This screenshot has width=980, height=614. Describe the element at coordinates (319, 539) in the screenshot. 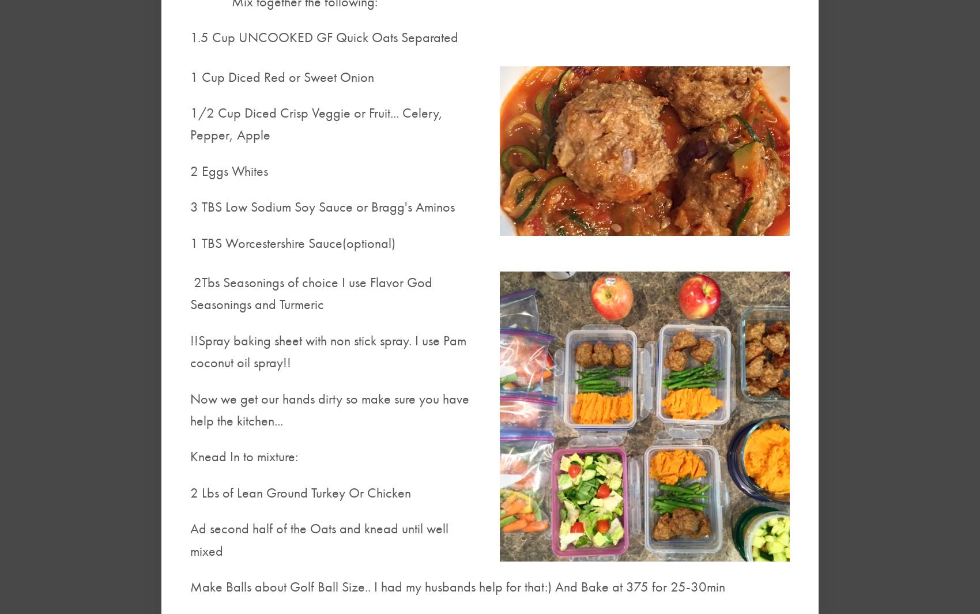

I see `'Ad second half of the Oats and knead until well mixed'` at that location.